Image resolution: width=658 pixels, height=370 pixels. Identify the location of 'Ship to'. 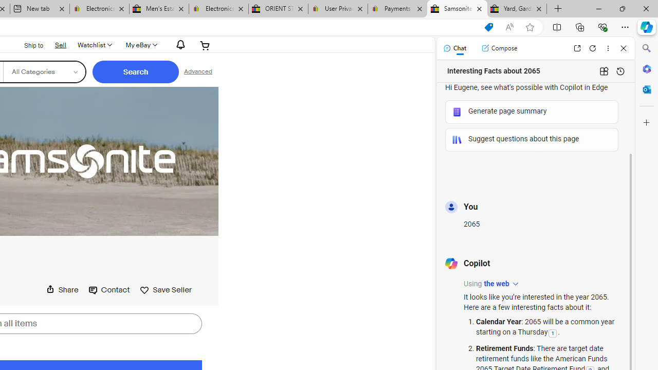
(27, 45).